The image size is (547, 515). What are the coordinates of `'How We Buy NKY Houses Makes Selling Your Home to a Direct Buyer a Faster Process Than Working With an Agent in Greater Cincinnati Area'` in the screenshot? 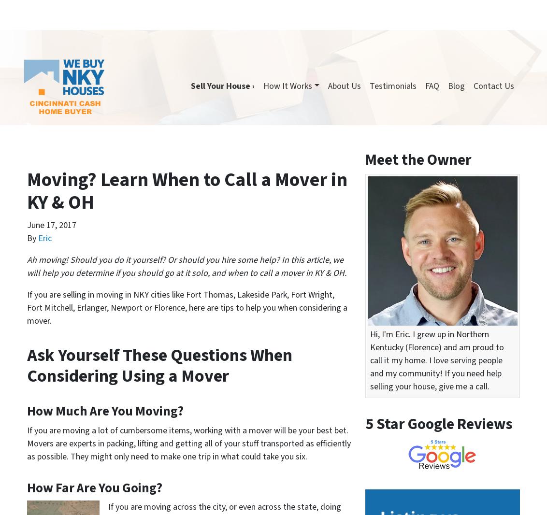 It's located at (436, 230).